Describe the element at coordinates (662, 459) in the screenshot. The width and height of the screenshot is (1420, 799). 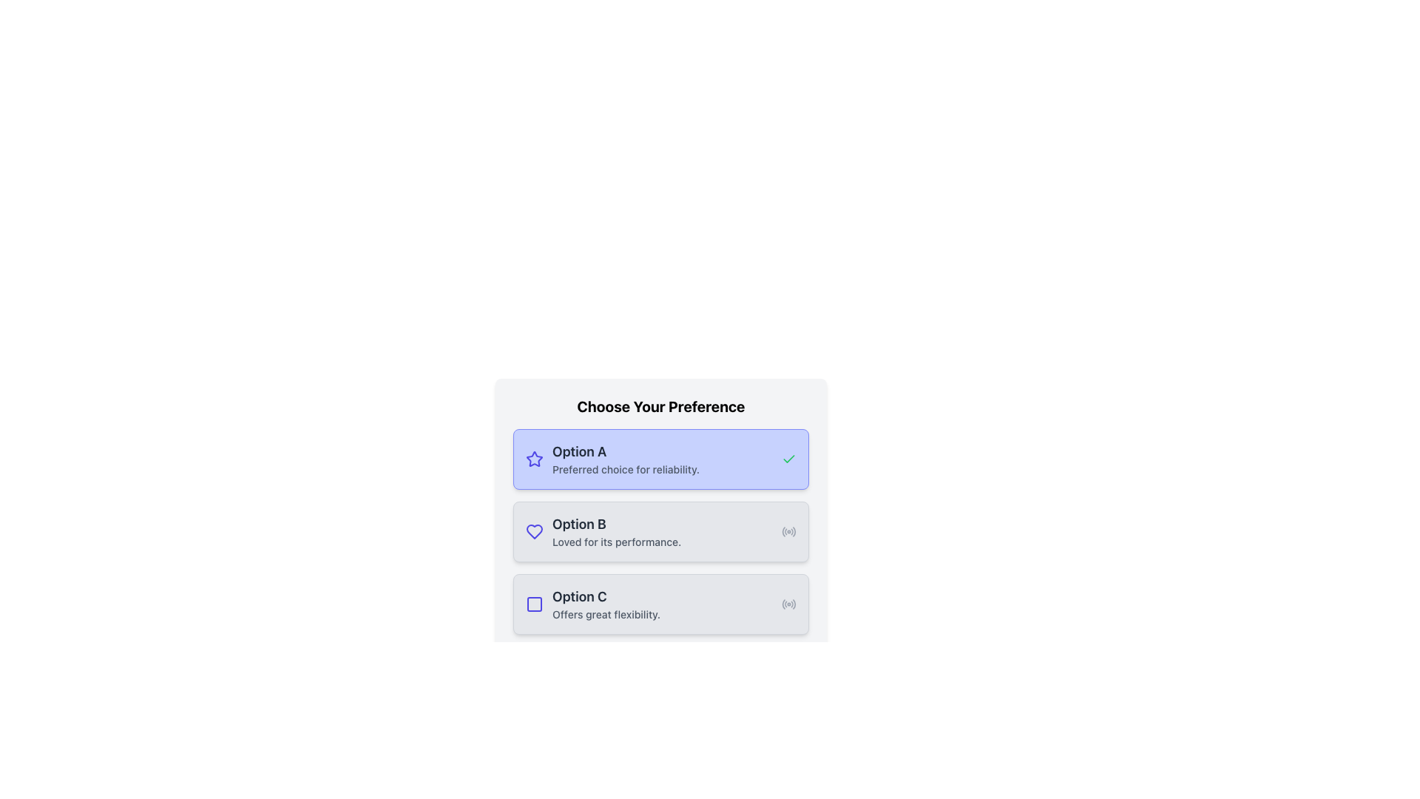
I see `the textual content of 'Option A' in the selection interface to possibly trigger tooltips` at that location.